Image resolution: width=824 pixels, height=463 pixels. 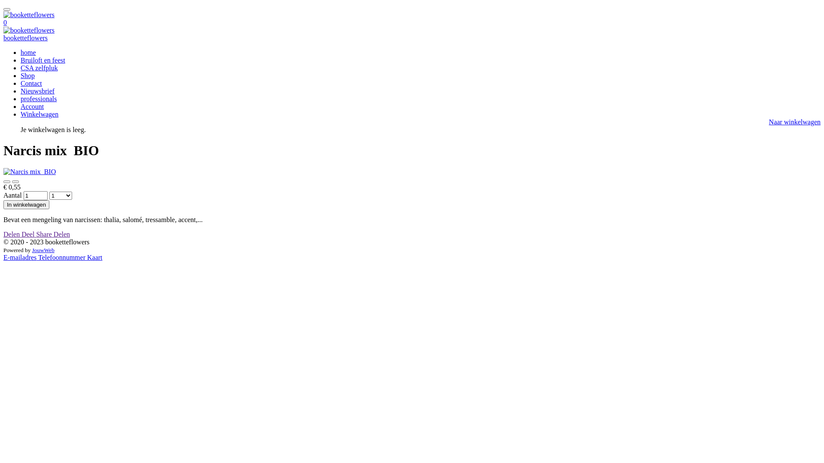 I want to click on 'Account', so click(x=32, y=106).